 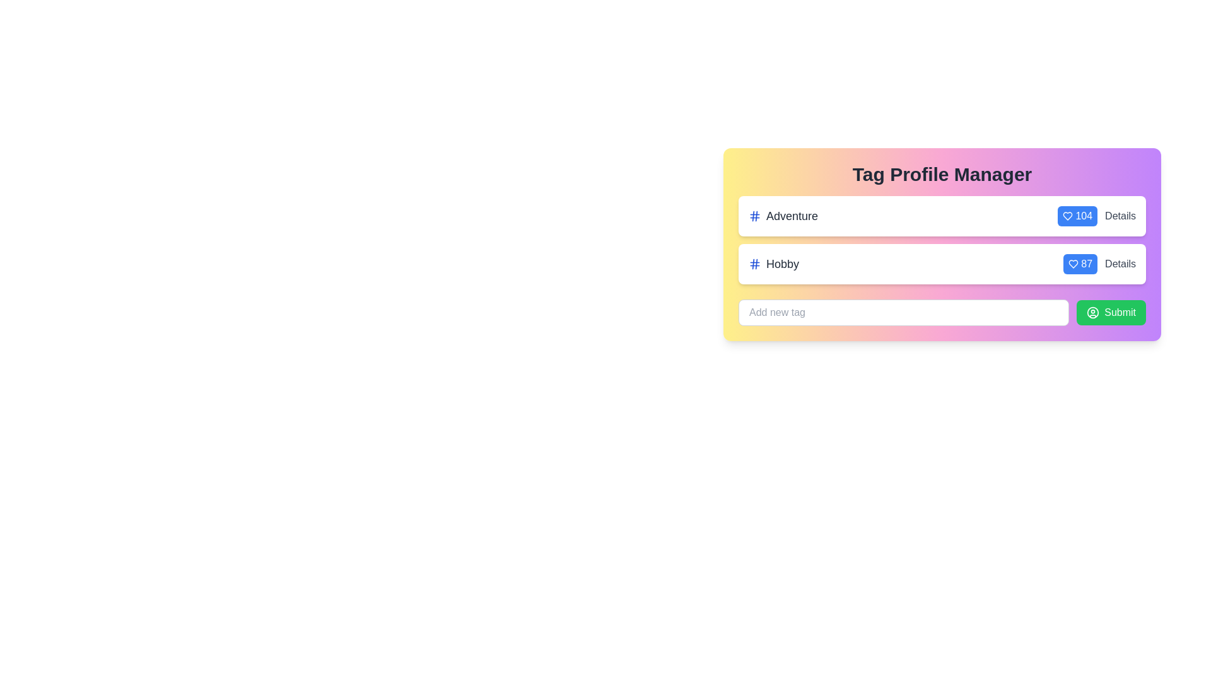 What do you see at coordinates (1067, 216) in the screenshot?
I see `the 'like' icon associated with the 'Hobby' tag` at bounding box center [1067, 216].